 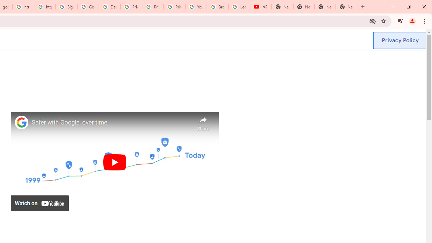 I want to click on 'Browse Chrome as a guest - Computer - Google Chrome Help', so click(x=218, y=7).